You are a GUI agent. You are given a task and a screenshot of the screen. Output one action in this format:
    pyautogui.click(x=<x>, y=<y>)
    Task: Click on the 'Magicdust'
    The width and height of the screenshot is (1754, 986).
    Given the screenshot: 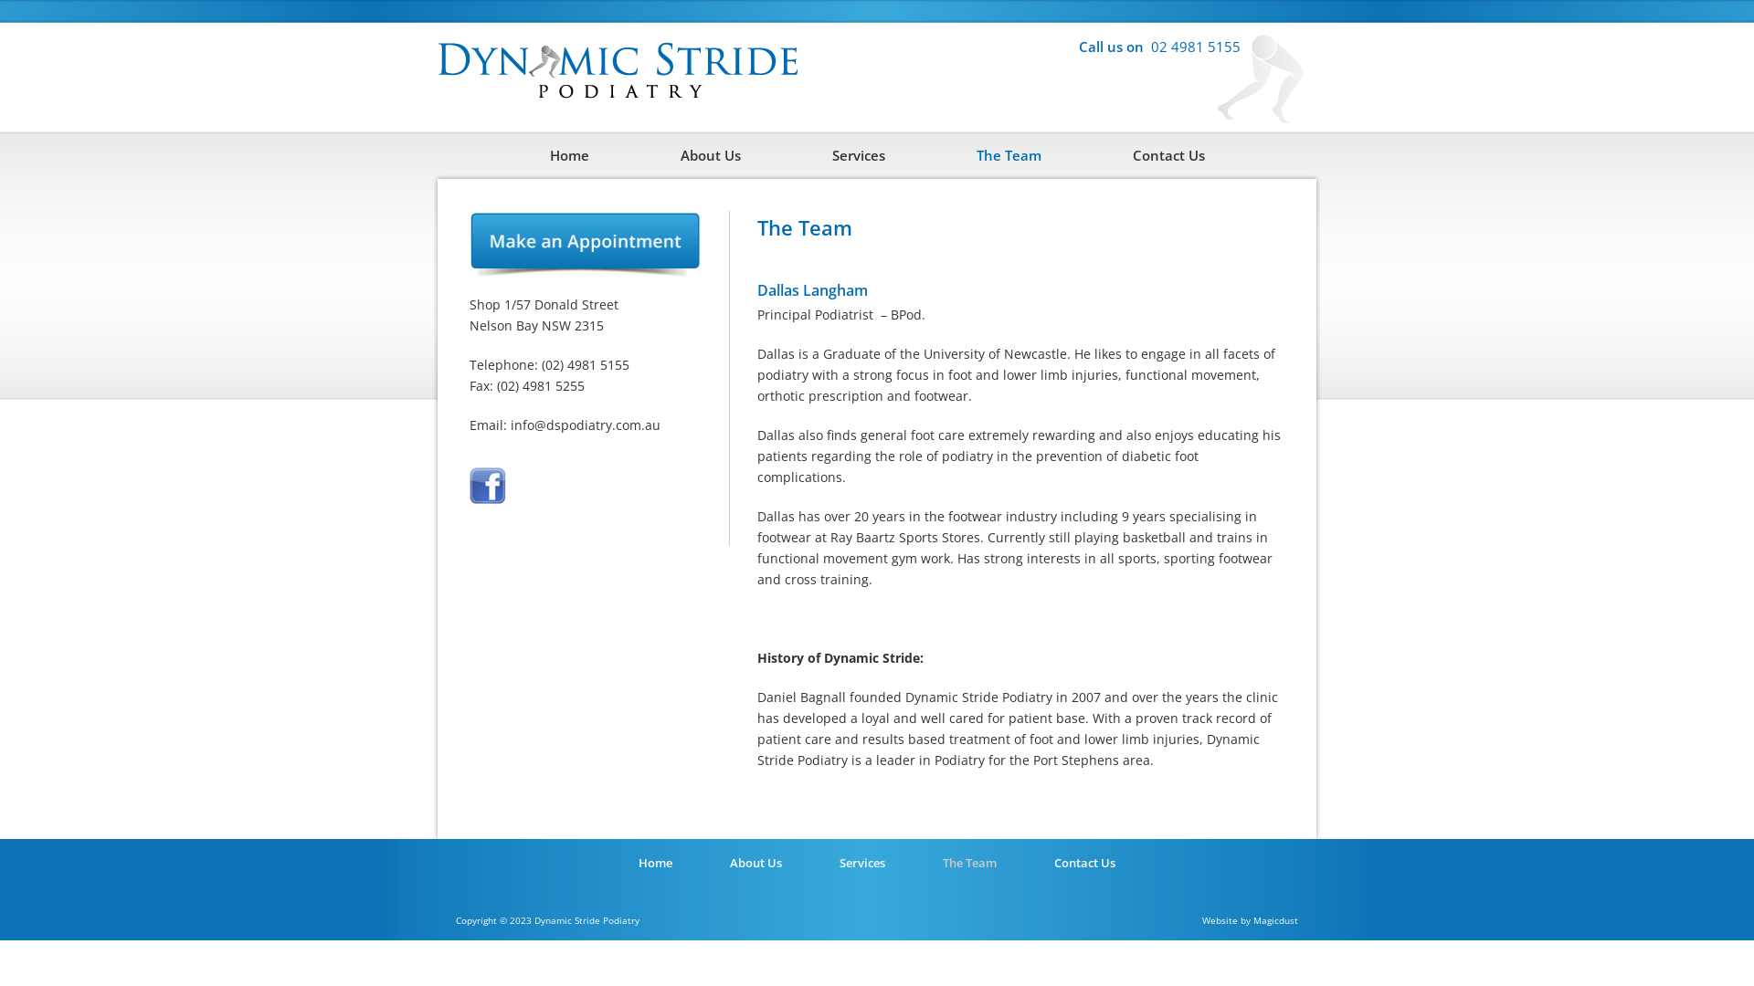 What is the action you would take?
    pyautogui.click(x=1274, y=919)
    